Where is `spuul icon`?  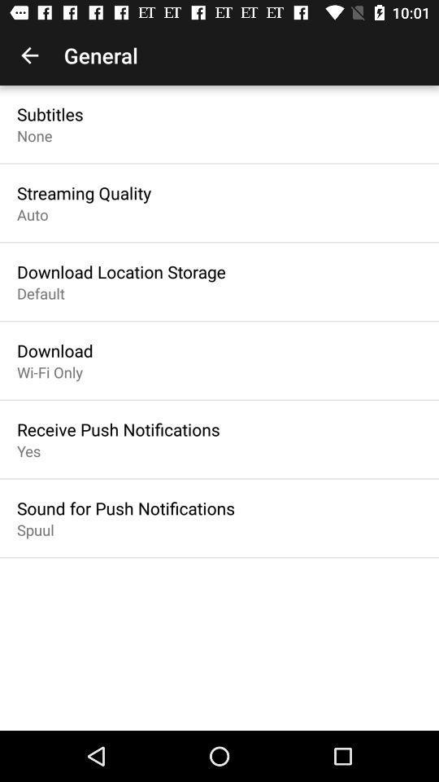 spuul icon is located at coordinates (35, 529).